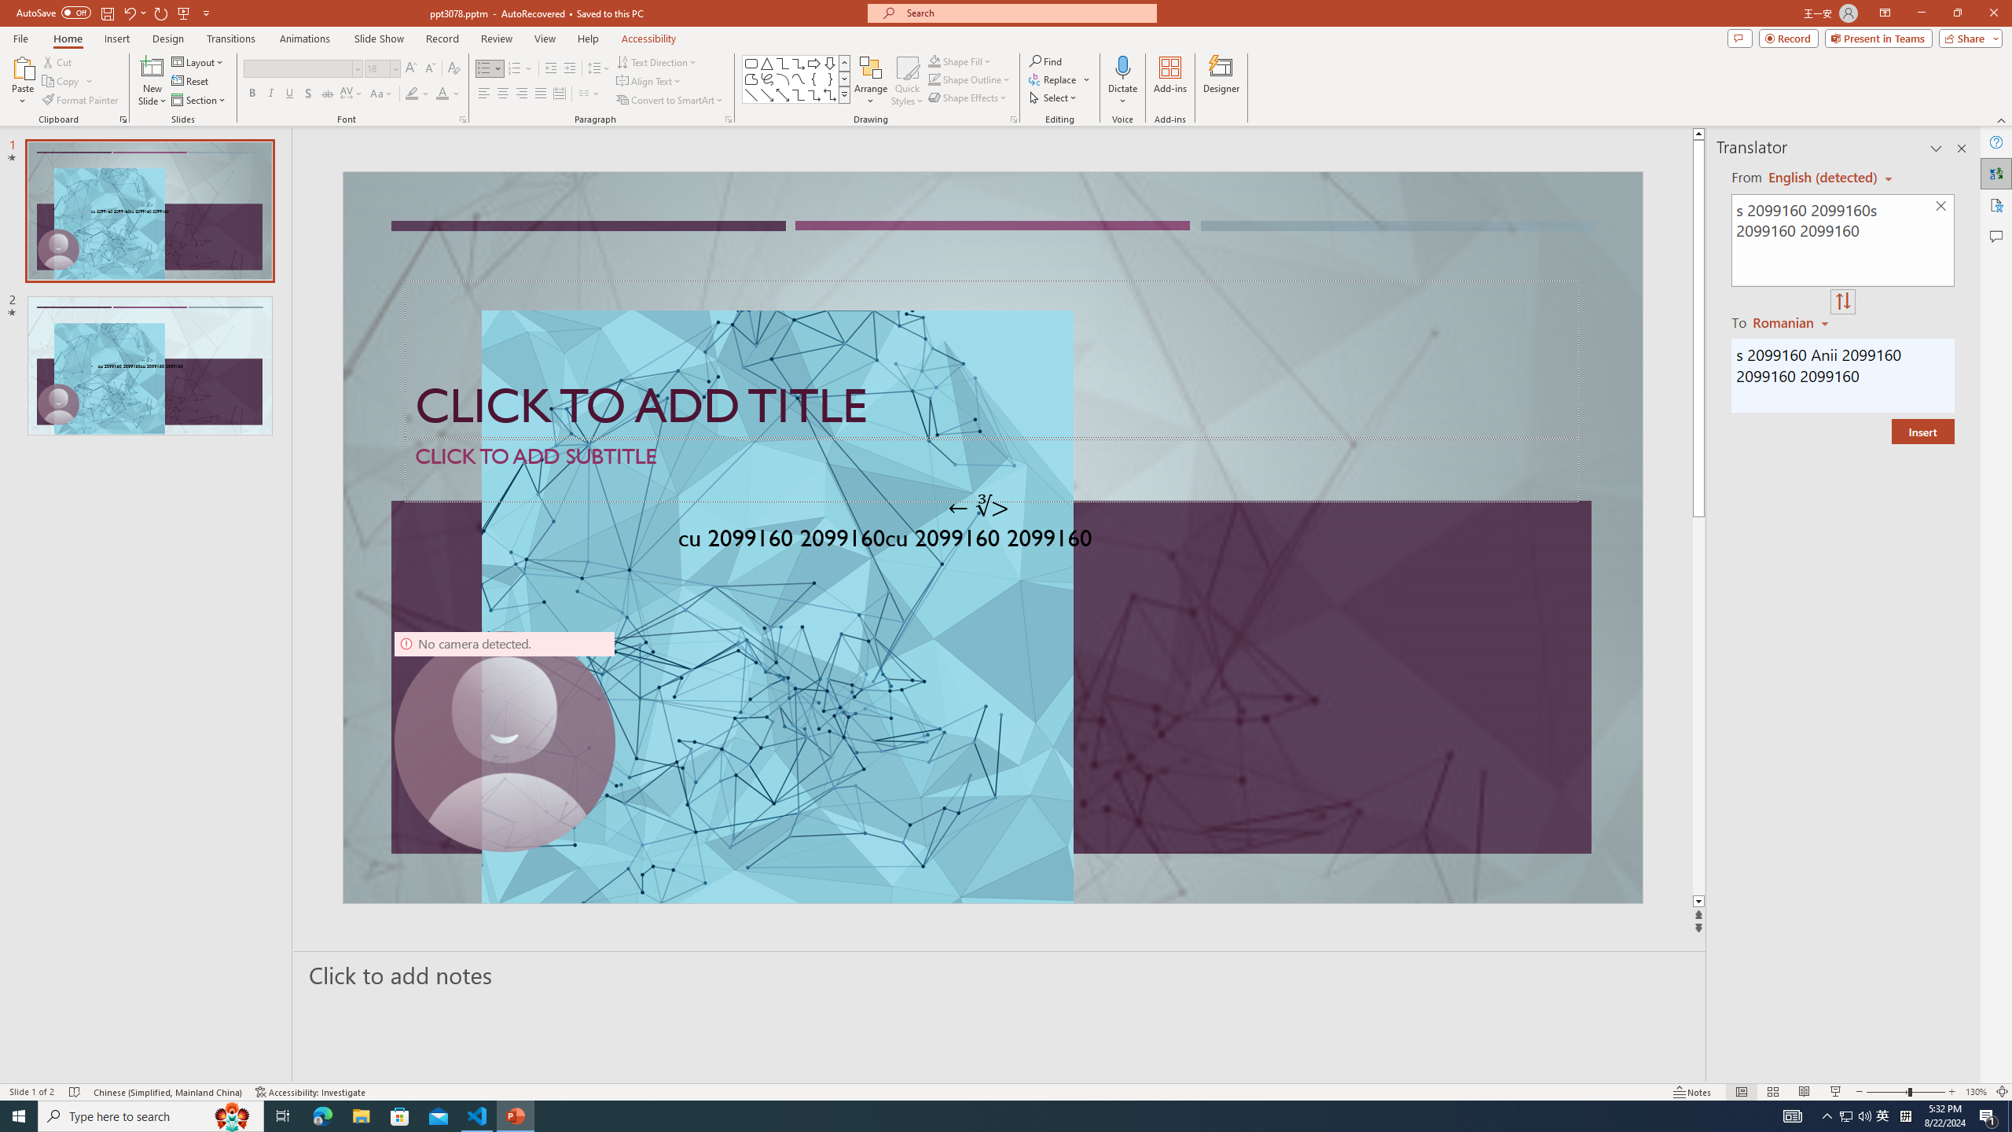 The width and height of the screenshot is (2012, 1132). I want to click on 'Shape Effects', so click(967, 96).